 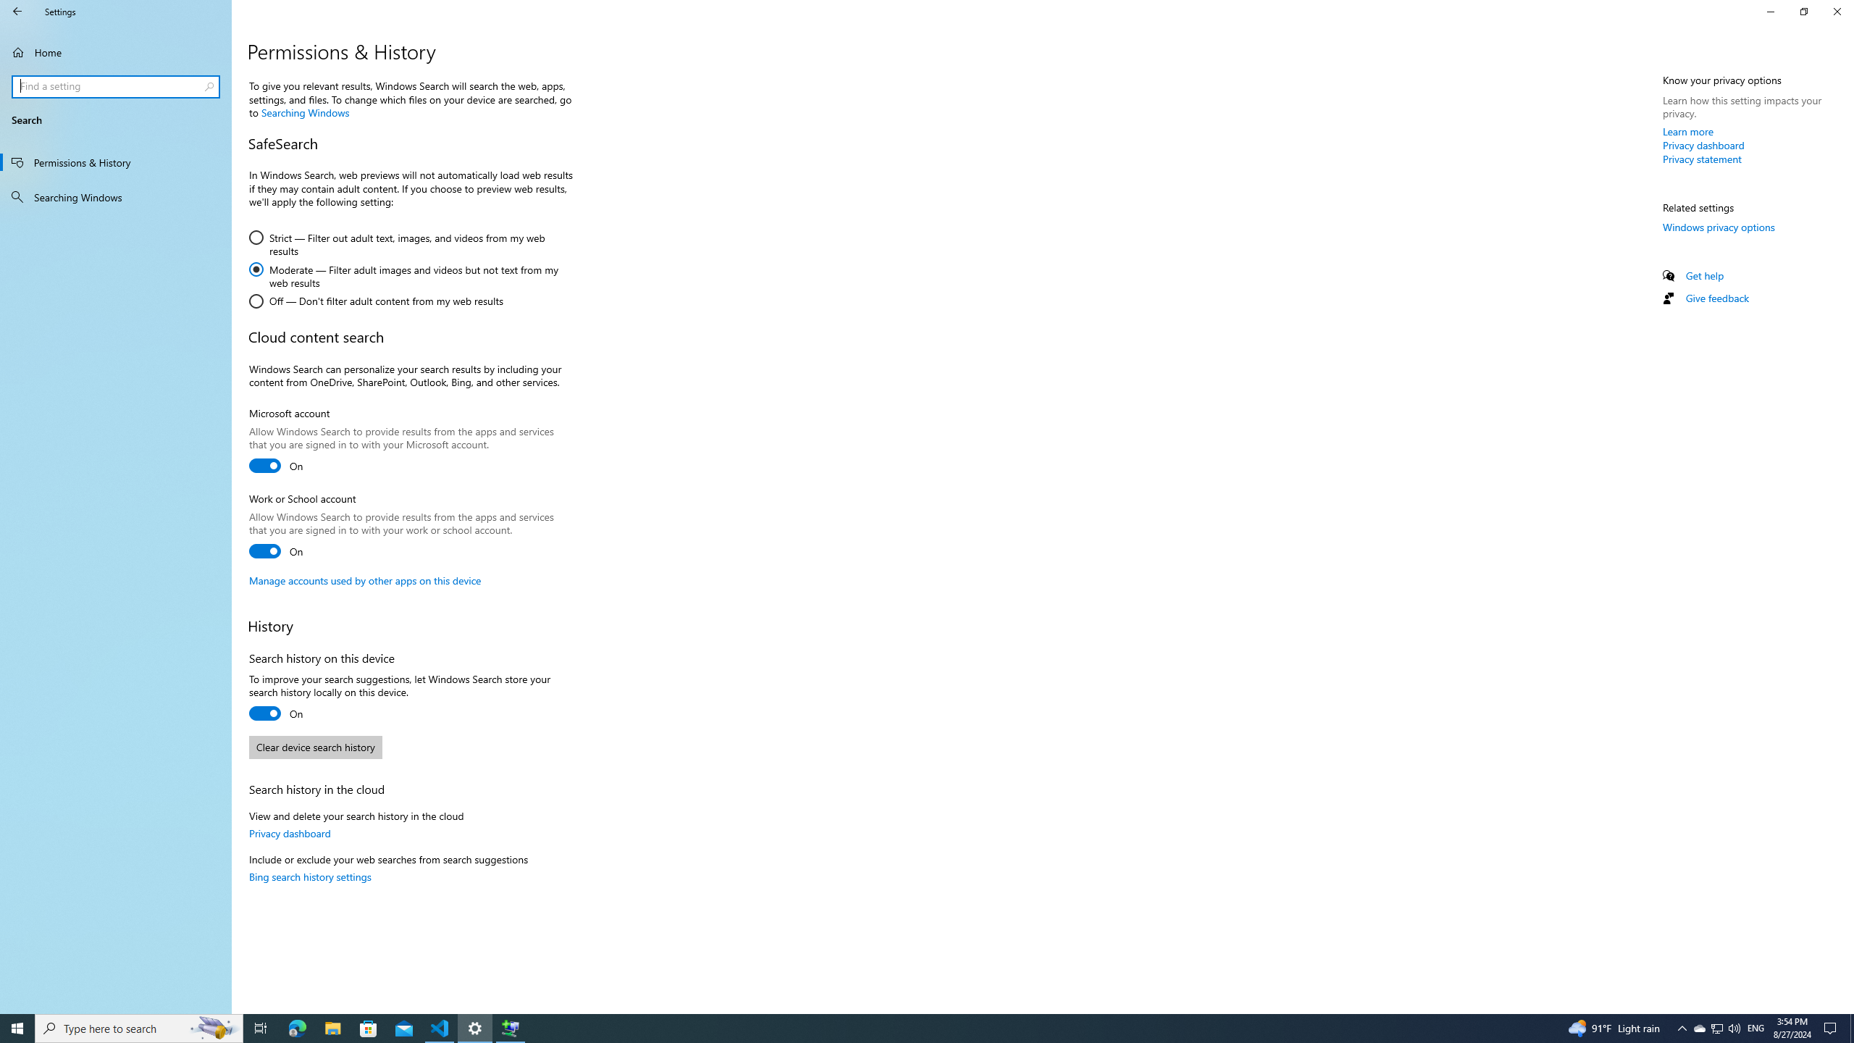 What do you see at coordinates (1718, 227) in the screenshot?
I see `'Windows privacy options'` at bounding box center [1718, 227].